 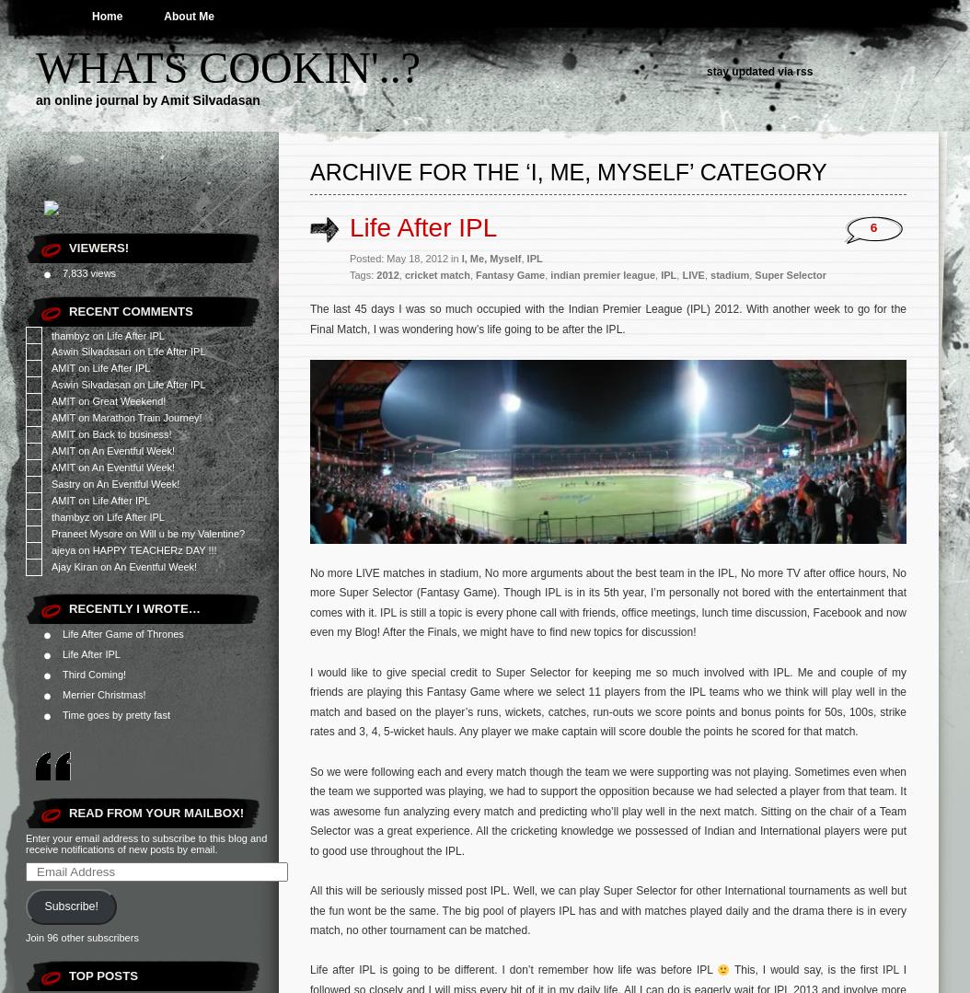 What do you see at coordinates (103, 694) in the screenshot?
I see `'Merrier Christmas!'` at bounding box center [103, 694].